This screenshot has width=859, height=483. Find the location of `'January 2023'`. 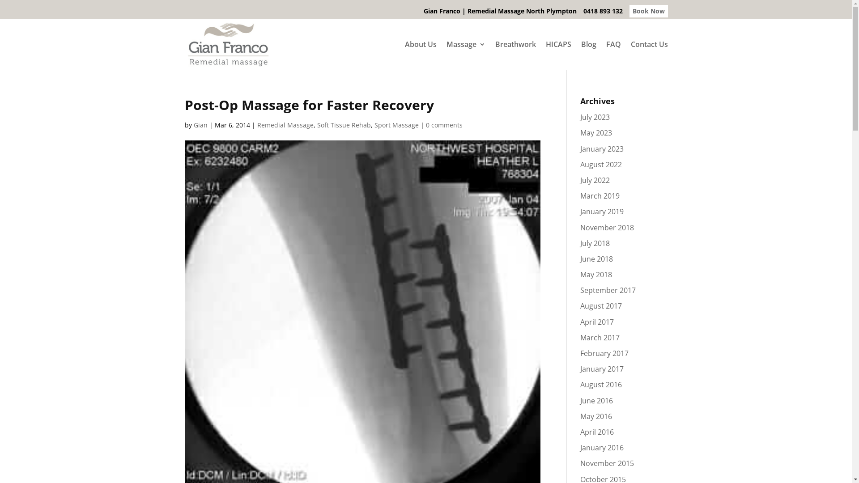

'January 2023' is located at coordinates (580, 148).